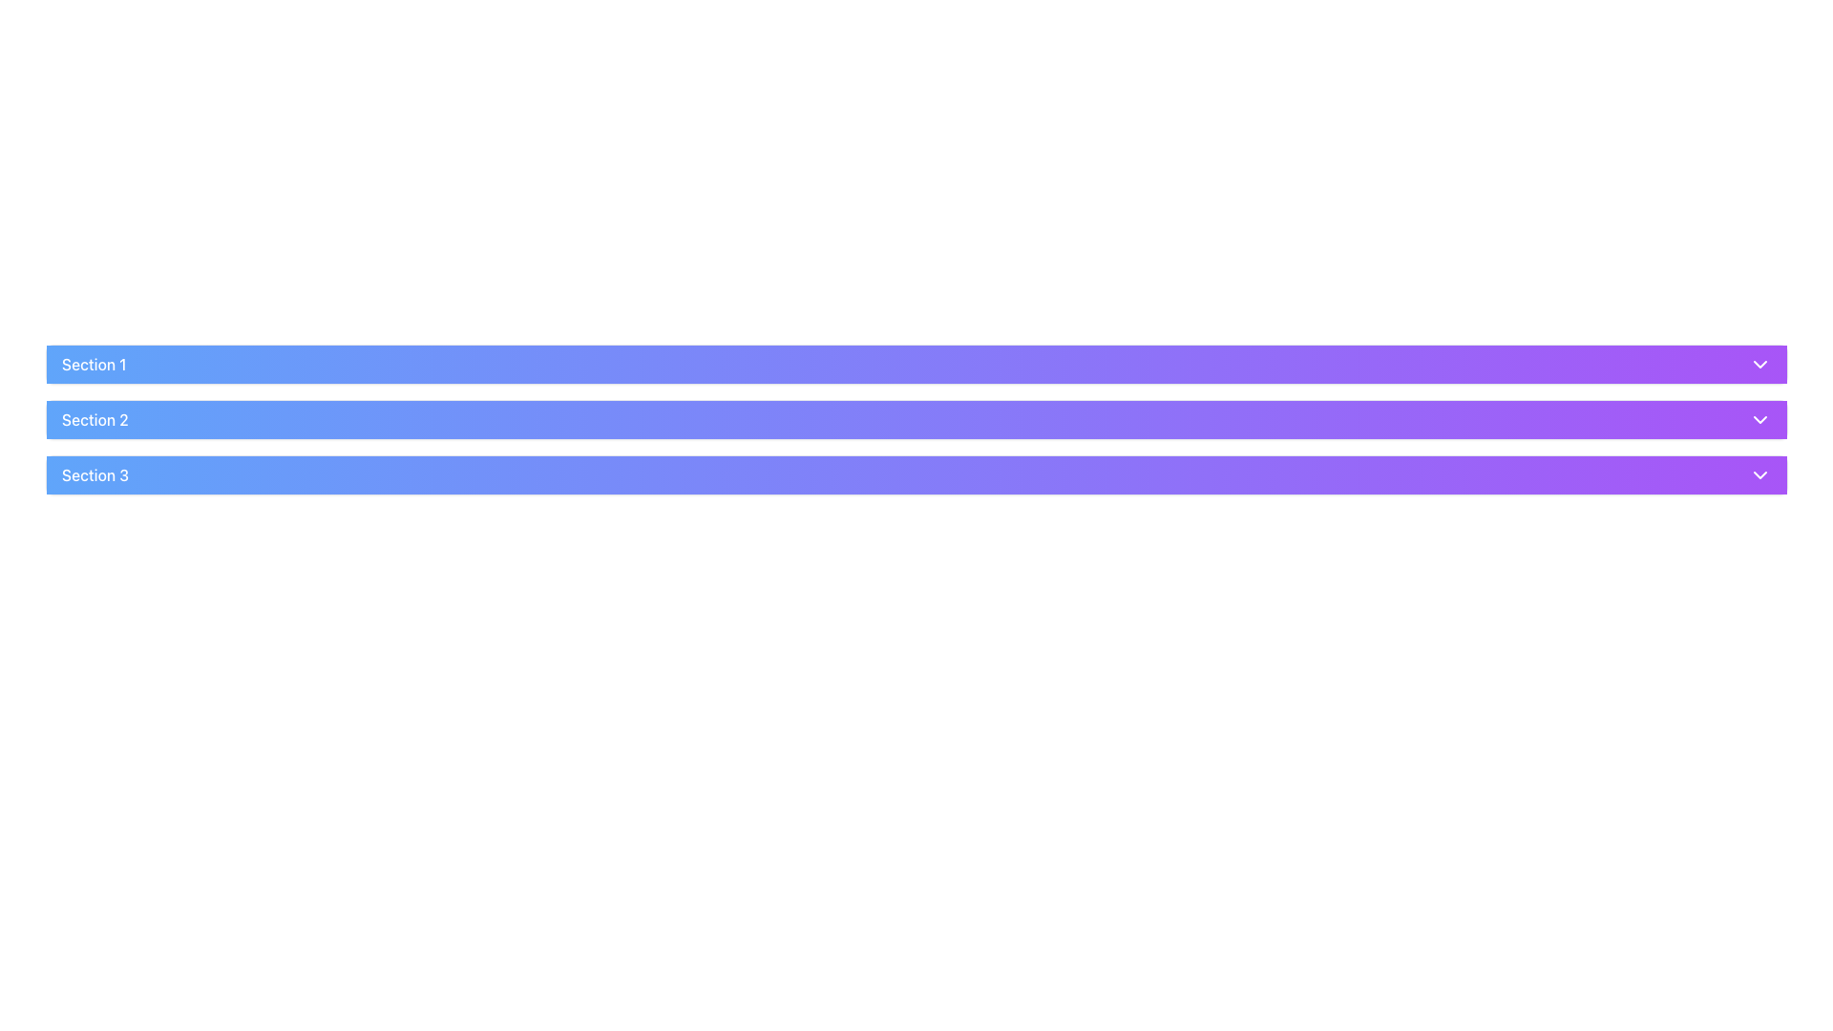  What do you see at coordinates (1759, 473) in the screenshot?
I see `the icon located at the far right edge of the Section 3 bar` at bounding box center [1759, 473].